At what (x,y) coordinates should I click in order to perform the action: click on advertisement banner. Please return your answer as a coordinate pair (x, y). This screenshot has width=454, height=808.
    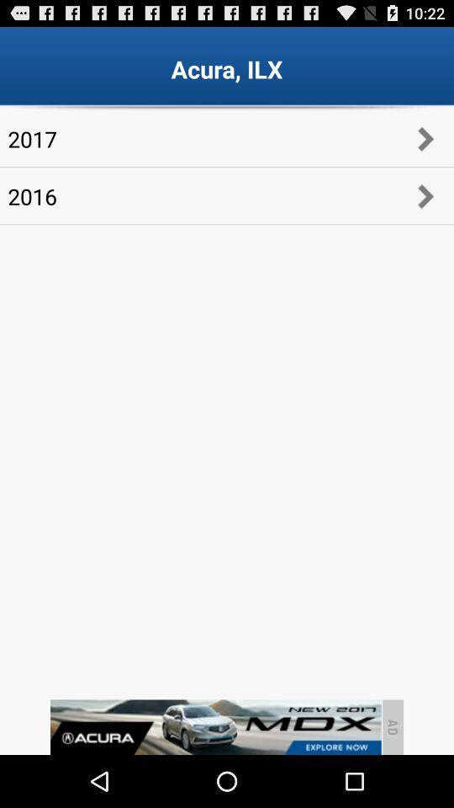
    Looking at the image, I should click on (215, 726).